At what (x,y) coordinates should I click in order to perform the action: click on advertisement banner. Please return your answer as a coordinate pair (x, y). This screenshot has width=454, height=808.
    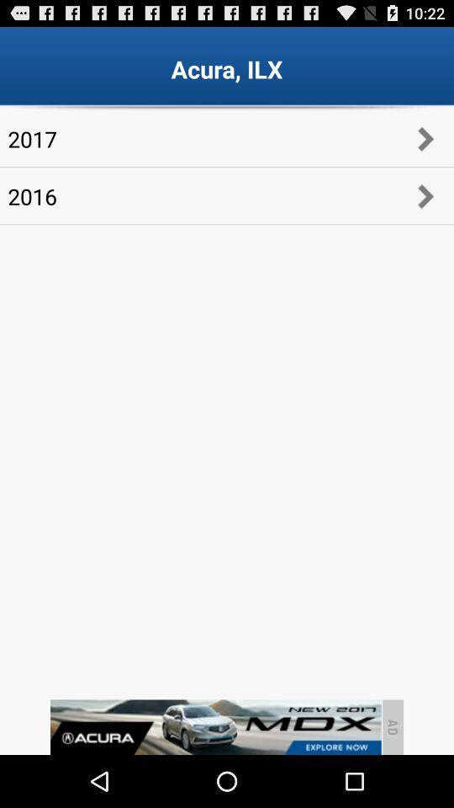
    Looking at the image, I should click on (215, 726).